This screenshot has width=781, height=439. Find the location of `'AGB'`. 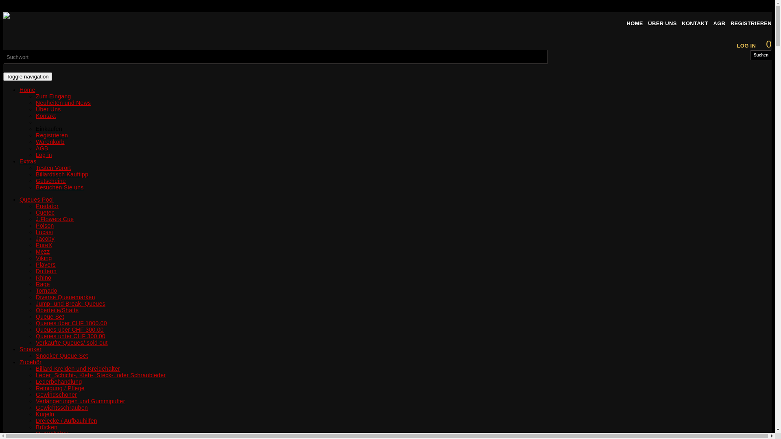

'AGB' is located at coordinates (41, 148).